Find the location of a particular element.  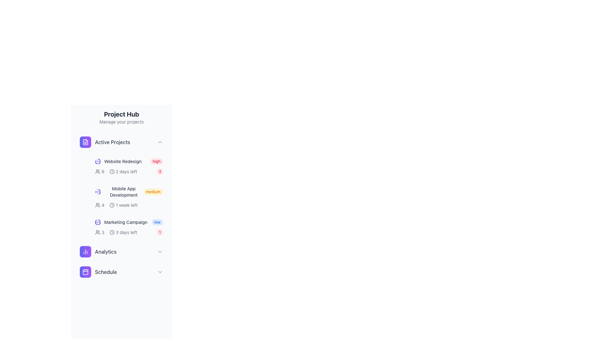

the Project list item labeled 'Mobile App Development' which is the second item in the 'Active Projects' list is located at coordinates (129, 196).